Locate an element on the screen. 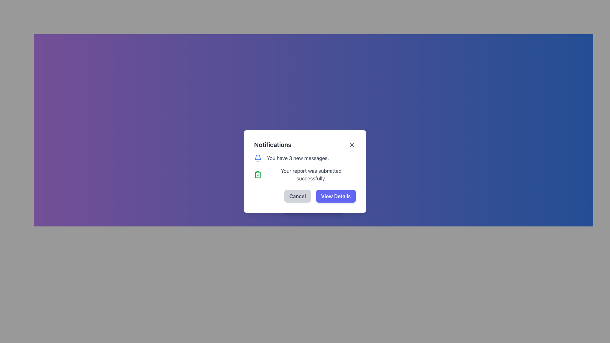 The image size is (610, 343). the cancel button located in the bottom-right section of the notification modal, positioned to the left of the 'View Details' button is located at coordinates (305, 196).